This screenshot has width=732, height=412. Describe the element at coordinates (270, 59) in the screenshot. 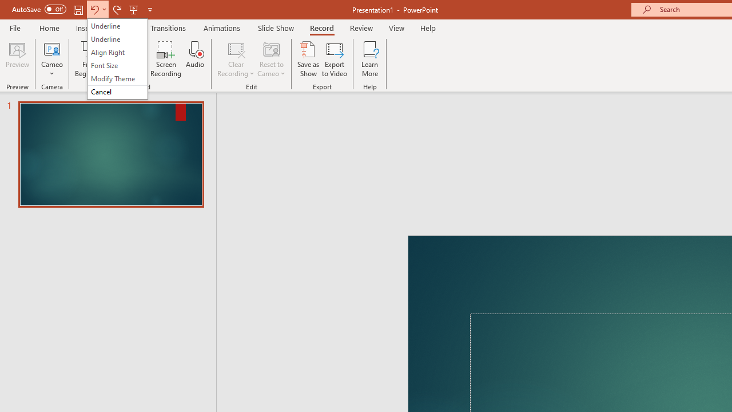

I see `'Reset to Cameo'` at that location.